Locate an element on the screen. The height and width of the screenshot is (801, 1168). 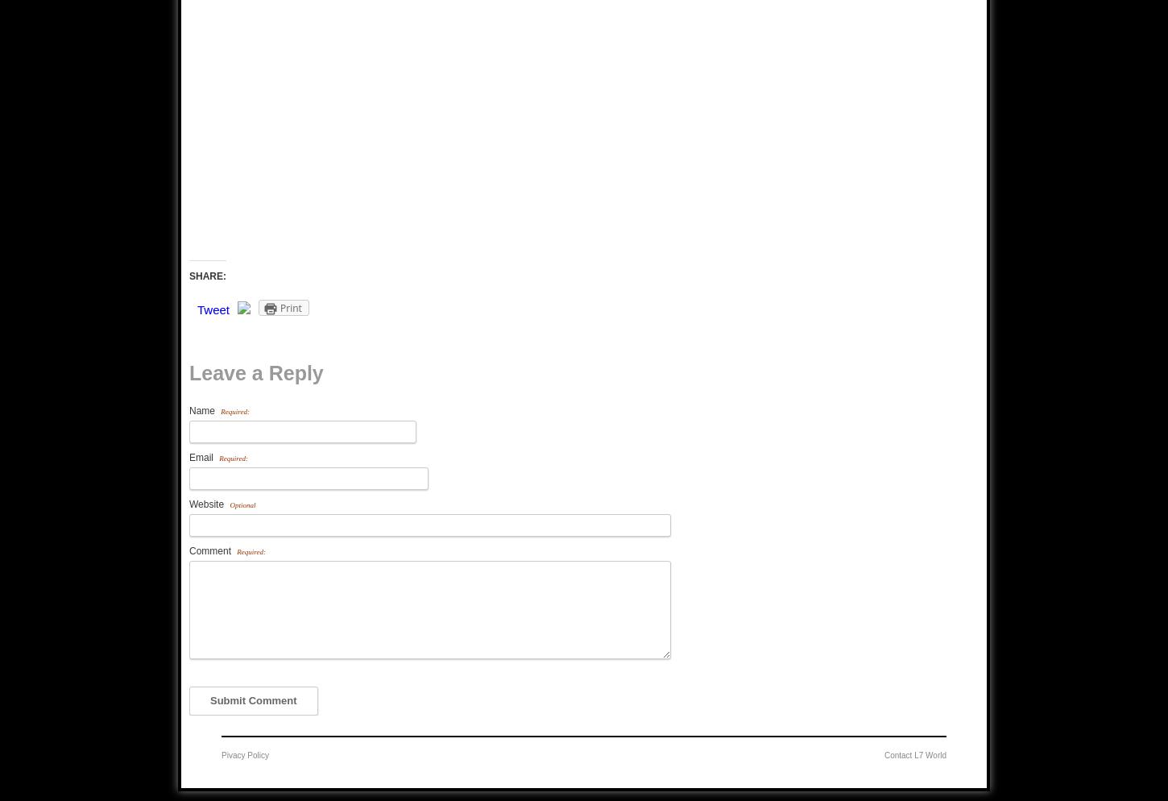
'Comment' is located at coordinates (211, 550).